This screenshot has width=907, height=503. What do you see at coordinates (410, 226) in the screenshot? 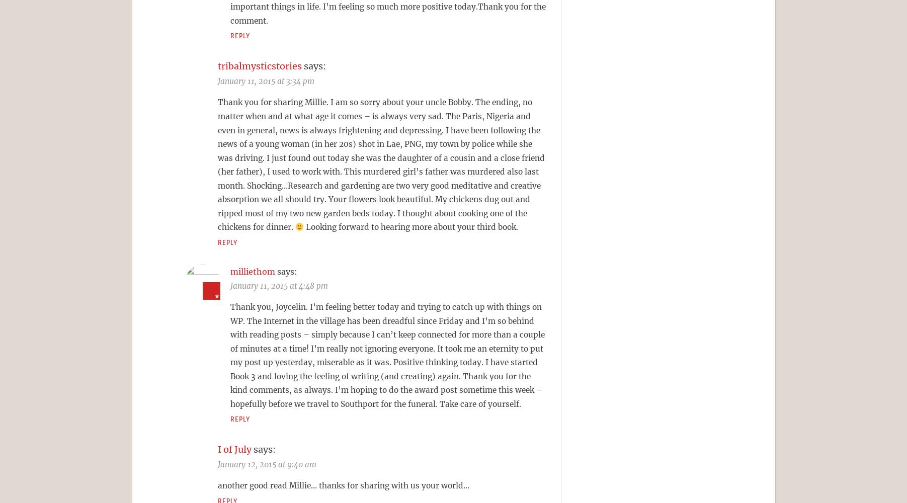
I see `'Looking forward to hearing more about your third book.'` at bounding box center [410, 226].